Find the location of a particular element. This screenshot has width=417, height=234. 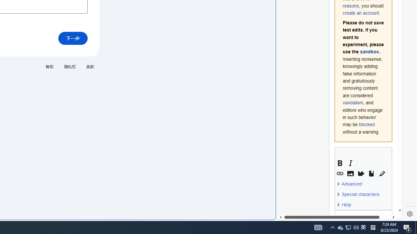

'create an account' is located at coordinates (360, 13).